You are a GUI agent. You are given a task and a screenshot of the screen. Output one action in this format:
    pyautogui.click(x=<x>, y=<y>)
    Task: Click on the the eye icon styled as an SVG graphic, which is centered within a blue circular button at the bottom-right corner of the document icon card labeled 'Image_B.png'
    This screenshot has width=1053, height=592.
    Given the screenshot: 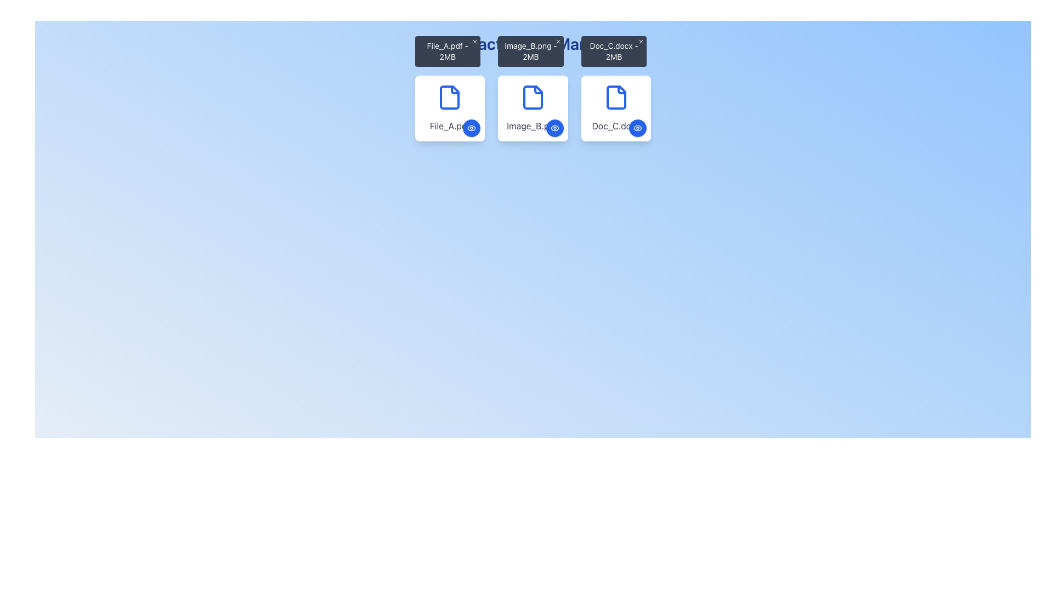 What is the action you would take?
    pyautogui.click(x=554, y=128)
    